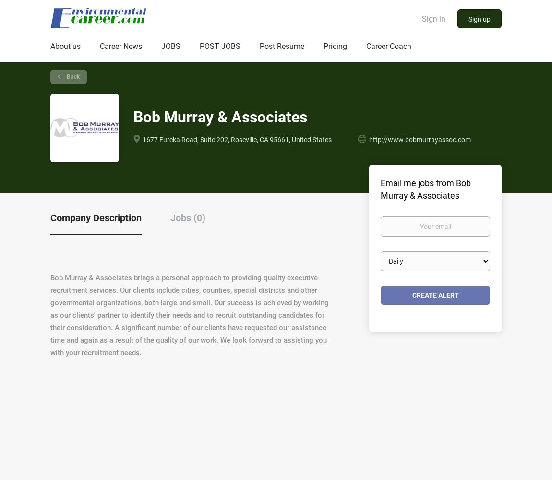  I want to click on 'Email me jobs from Bob Murray & Associates', so click(425, 189).